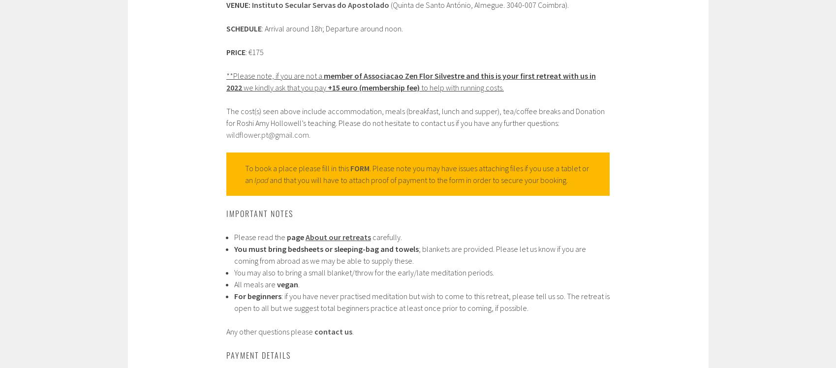 The image size is (836, 368). Describe the element at coordinates (297, 167) in the screenshot. I see `'To book a place please fill in this'` at that location.